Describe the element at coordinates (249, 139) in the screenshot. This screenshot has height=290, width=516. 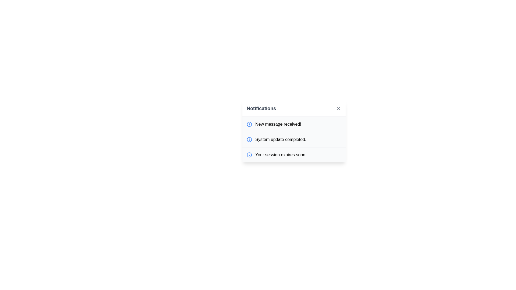
I see `the circular blue-bordered icon with an 'i' in the center, located in the second row of the 'Notifications' panel, aligned to the left of the text 'System update completed.'` at that location.